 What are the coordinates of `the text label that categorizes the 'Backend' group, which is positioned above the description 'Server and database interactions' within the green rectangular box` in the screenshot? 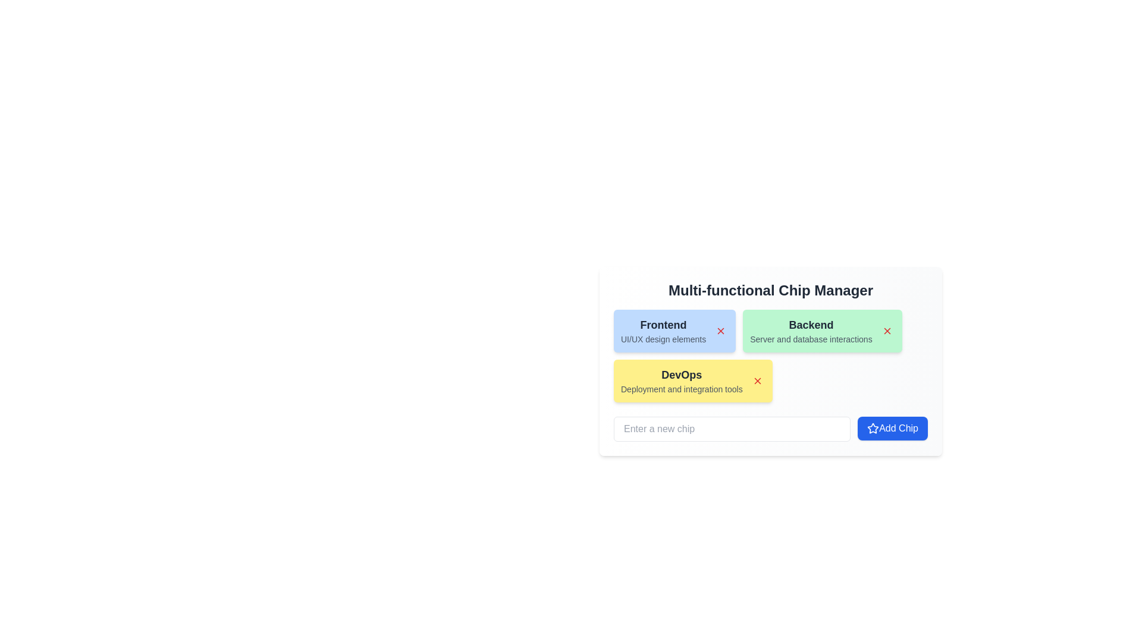 It's located at (810, 325).